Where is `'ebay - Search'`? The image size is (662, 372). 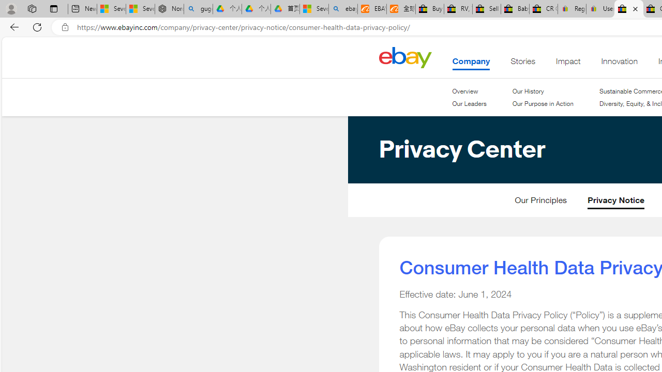 'ebay - Search' is located at coordinates (343, 9).